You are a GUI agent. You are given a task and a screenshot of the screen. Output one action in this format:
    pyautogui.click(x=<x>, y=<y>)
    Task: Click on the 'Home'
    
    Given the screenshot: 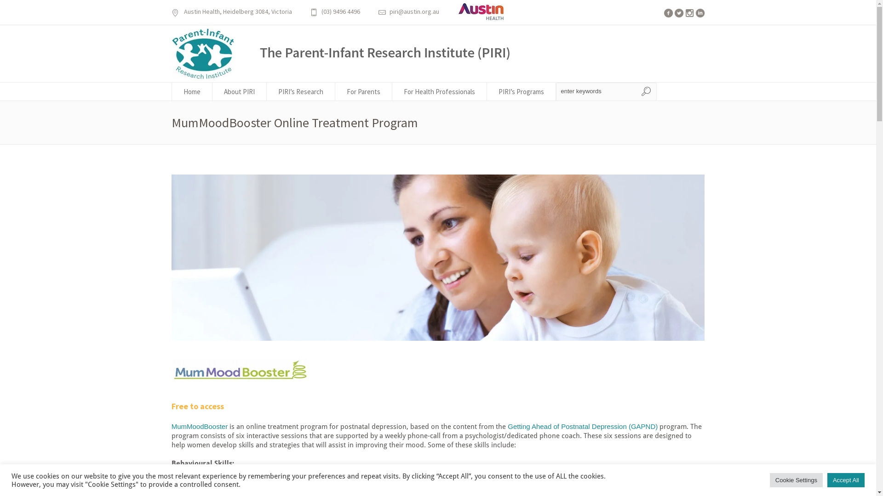 What is the action you would take?
    pyautogui.click(x=191, y=92)
    